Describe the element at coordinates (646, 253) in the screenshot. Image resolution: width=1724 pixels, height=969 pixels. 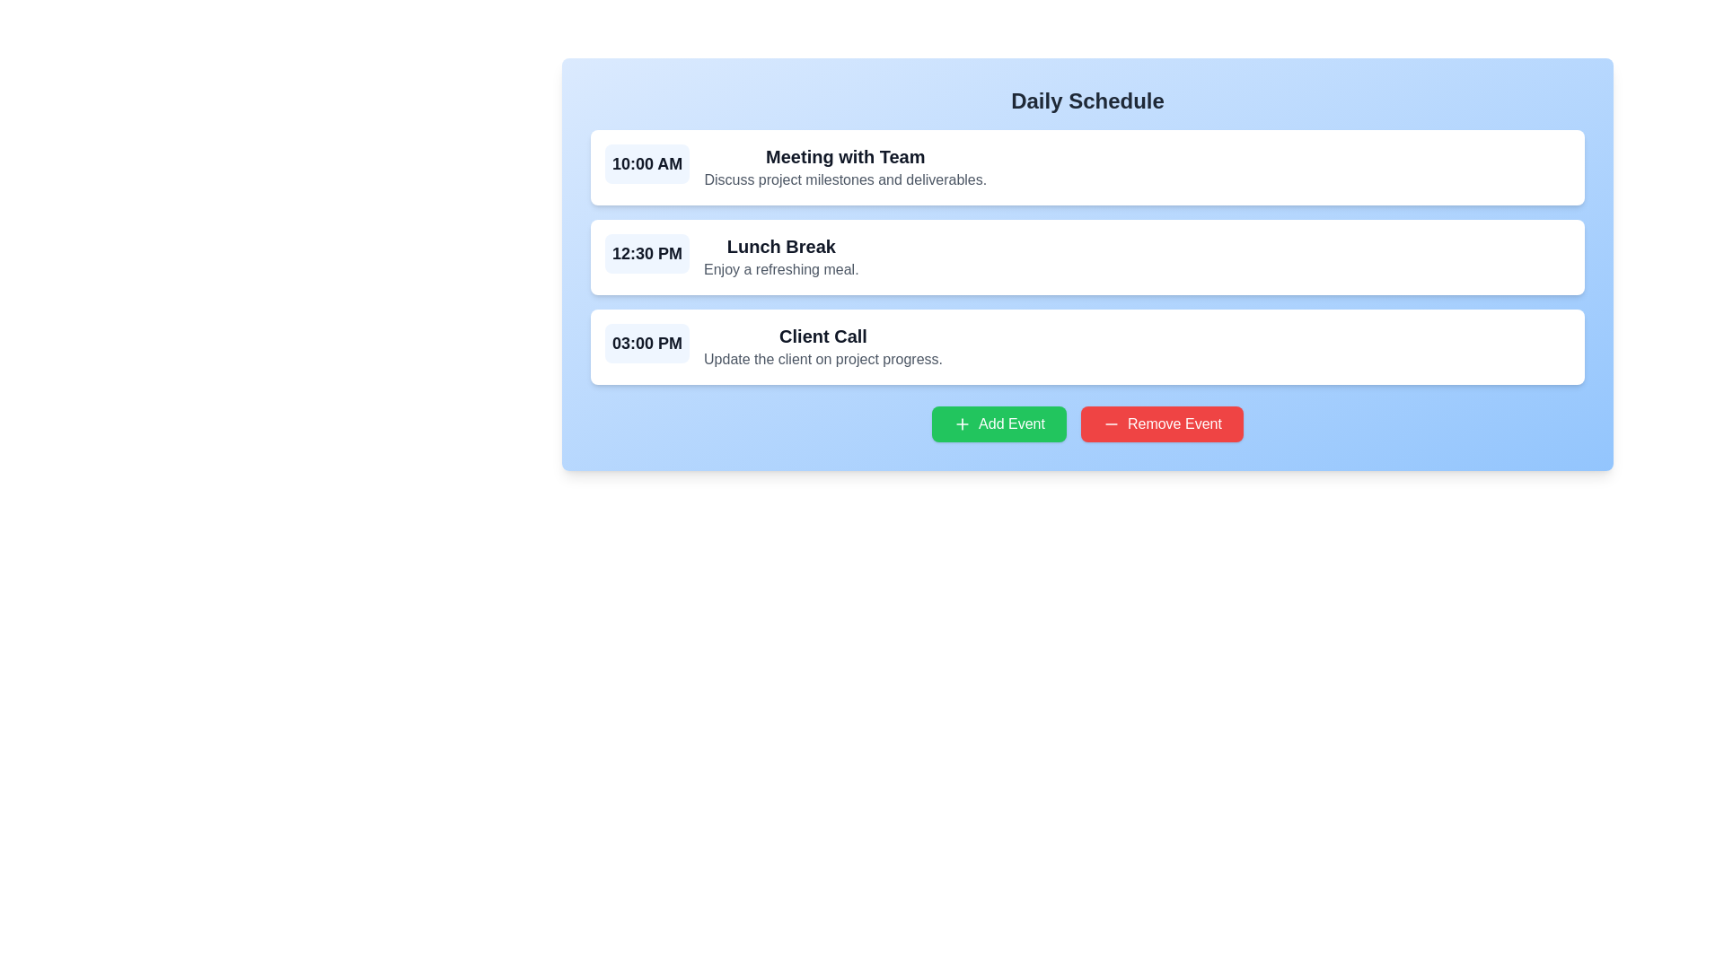
I see `the time displayed in the text label showing '12:30 PM' in bold on the left side of the 'Lunch Break' panel` at that location.